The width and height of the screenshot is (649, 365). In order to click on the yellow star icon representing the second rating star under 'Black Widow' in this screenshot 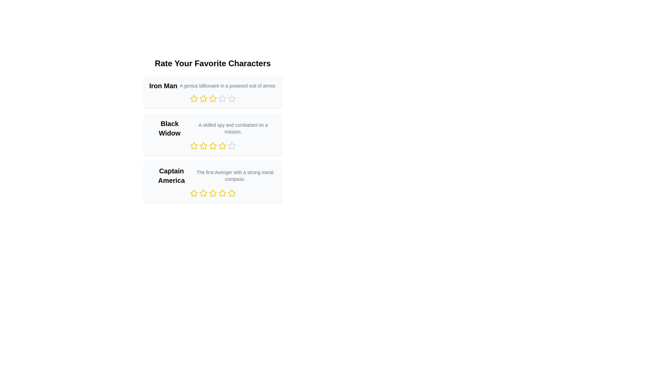, I will do `click(203, 146)`.